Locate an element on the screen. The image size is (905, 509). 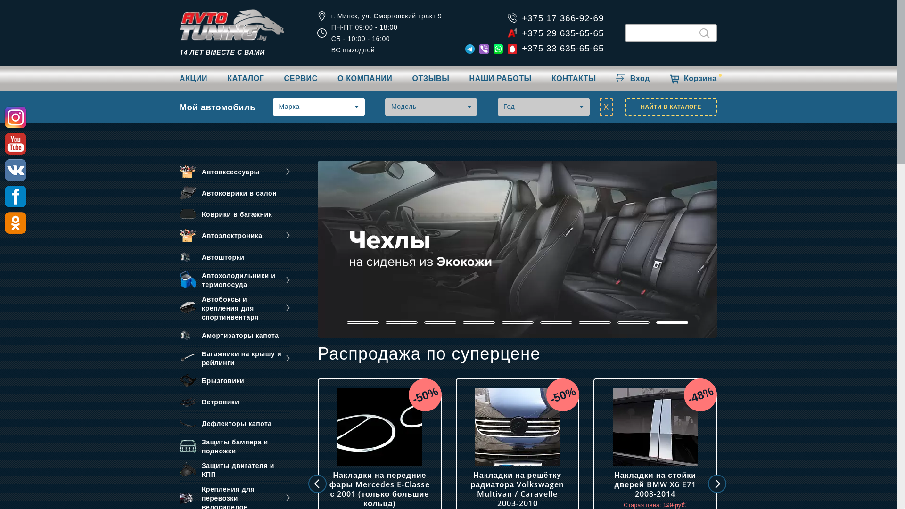
'+375 33 635-65-65' is located at coordinates (521, 48).